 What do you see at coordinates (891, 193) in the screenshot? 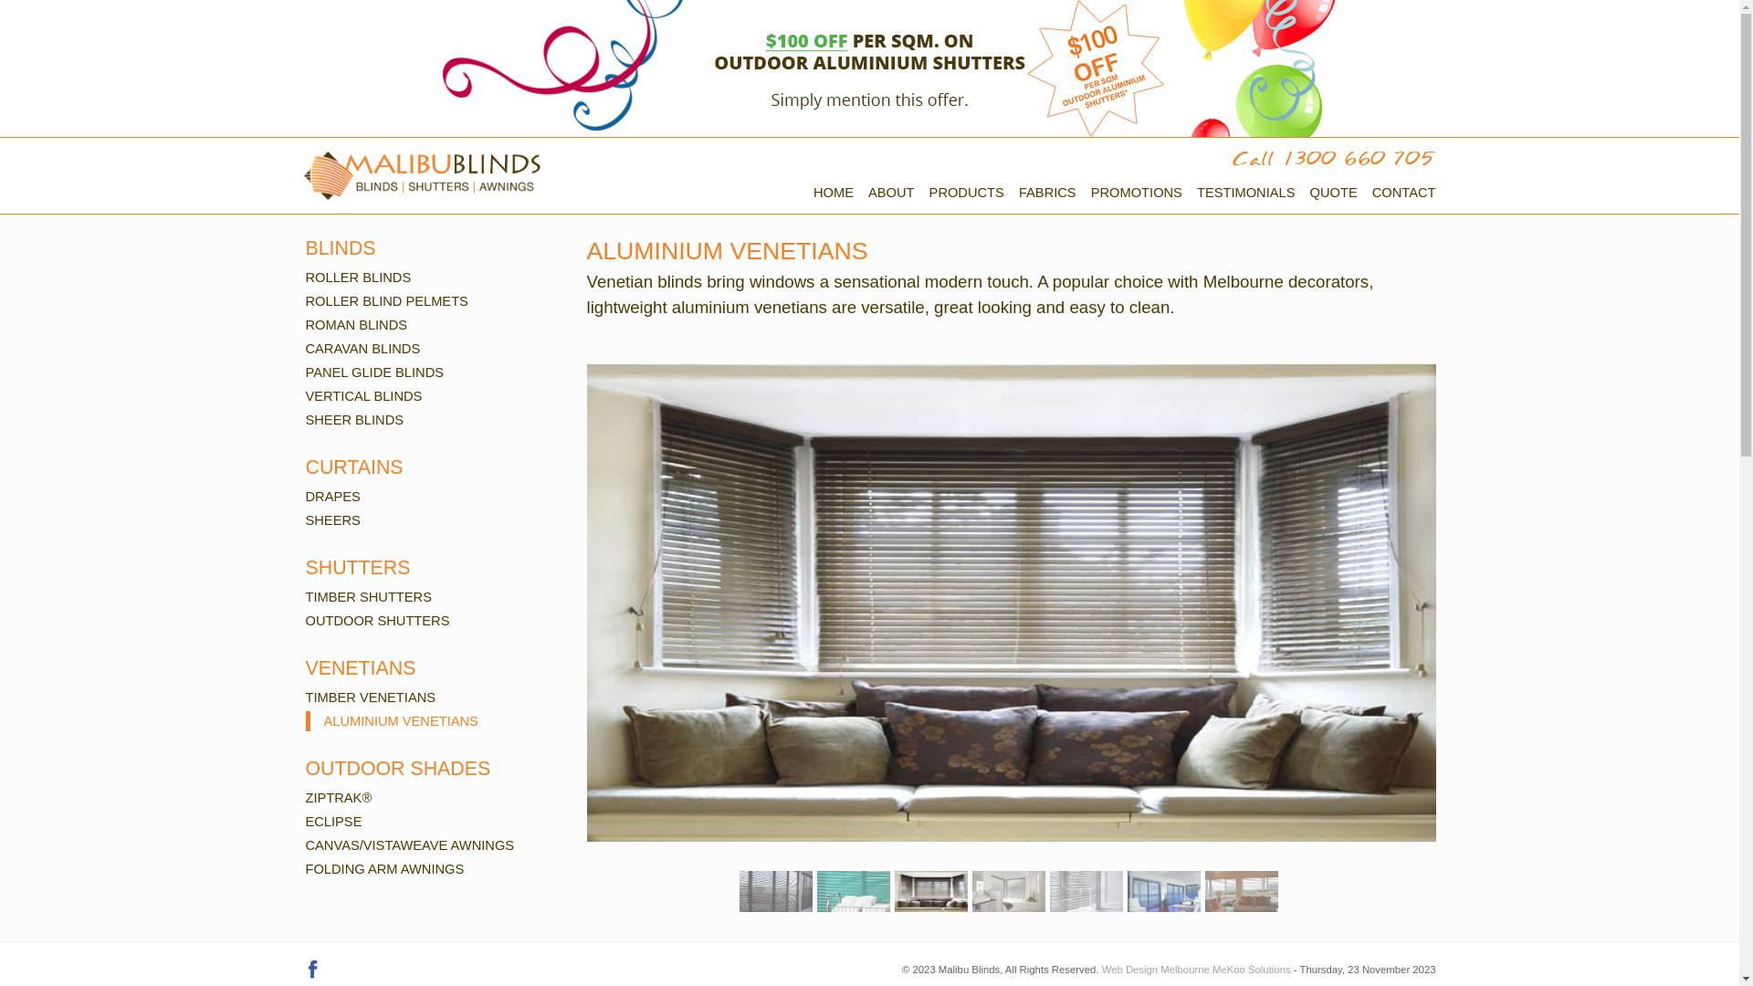
I see `'ABOUT'` at bounding box center [891, 193].